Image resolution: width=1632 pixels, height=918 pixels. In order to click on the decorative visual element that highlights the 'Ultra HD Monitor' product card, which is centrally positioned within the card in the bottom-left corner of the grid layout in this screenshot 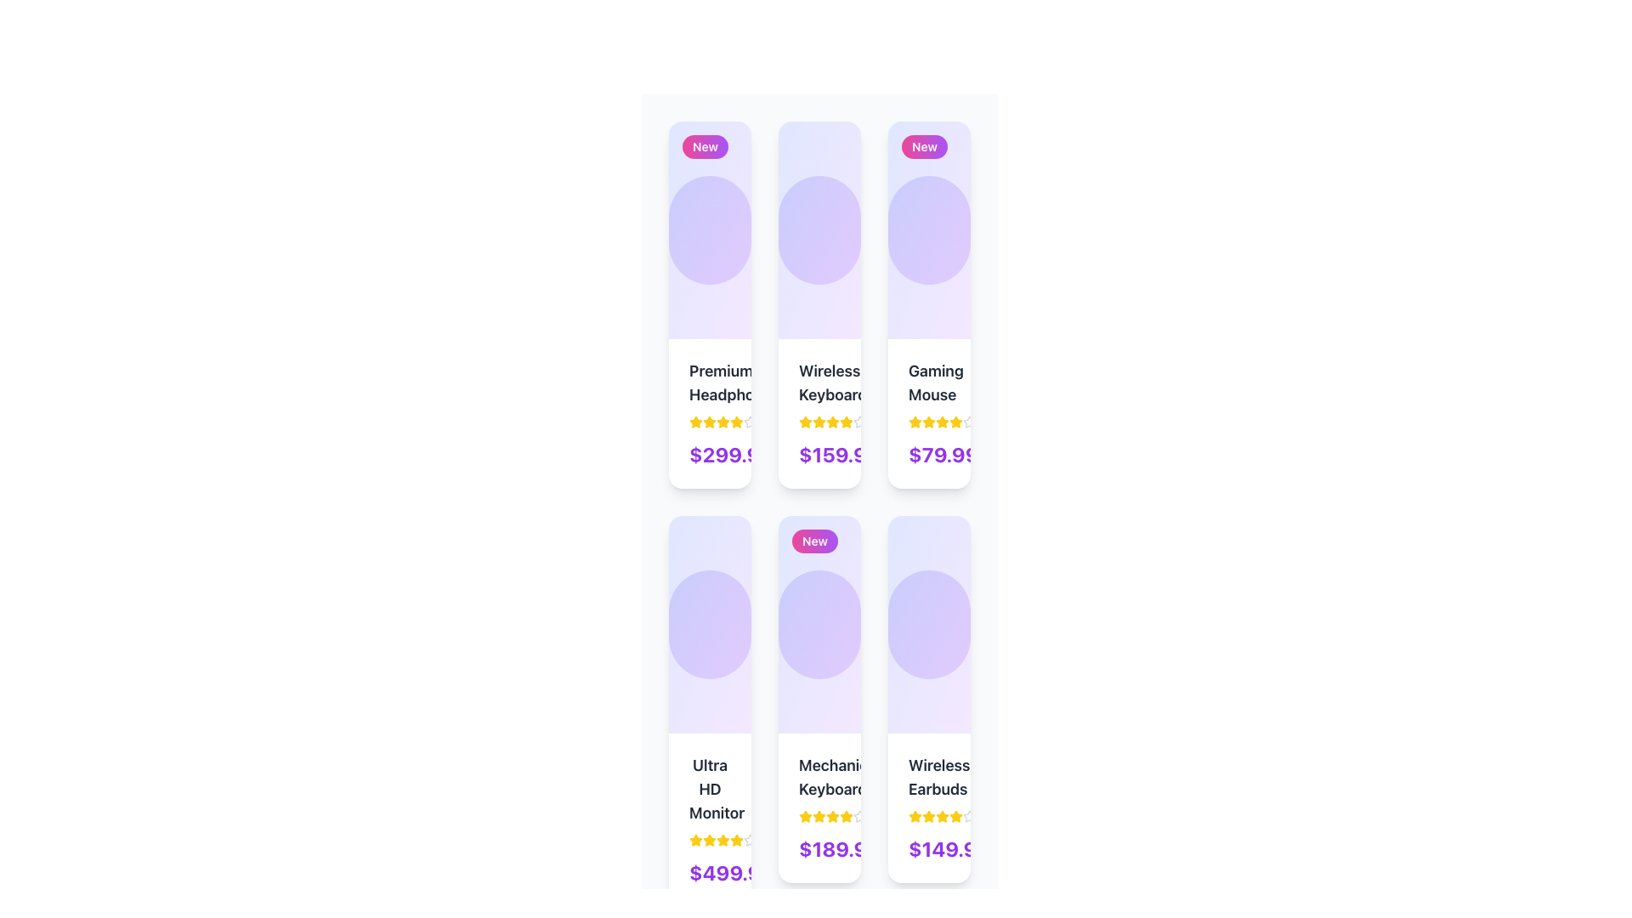, I will do `click(710, 625)`.